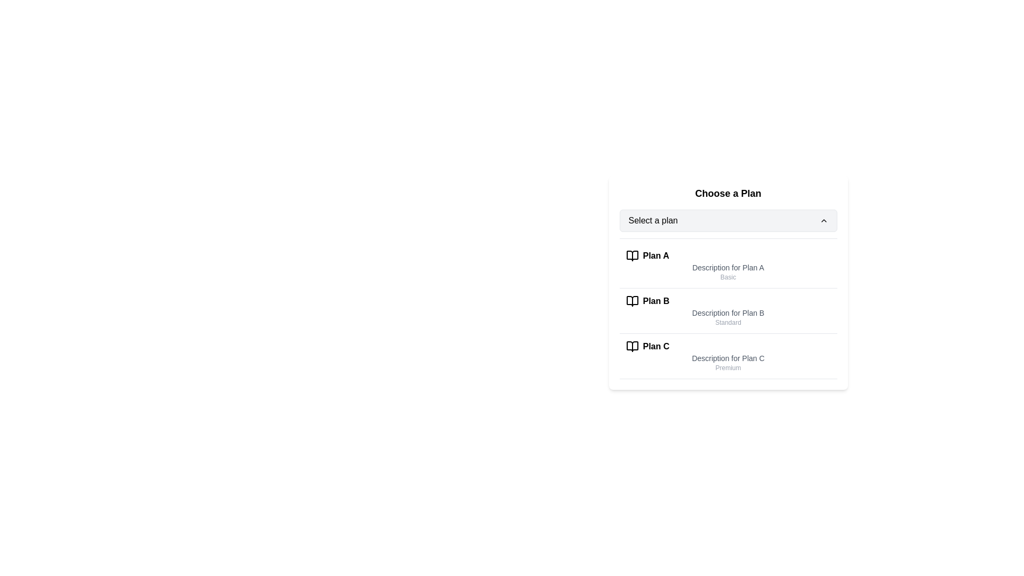 The image size is (1024, 576). What do you see at coordinates (632, 347) in the screenshot?
I see `the small black line icon depicting an open book, which is located to the left of the text 'Plan C'` at bounding box center [632, 347].